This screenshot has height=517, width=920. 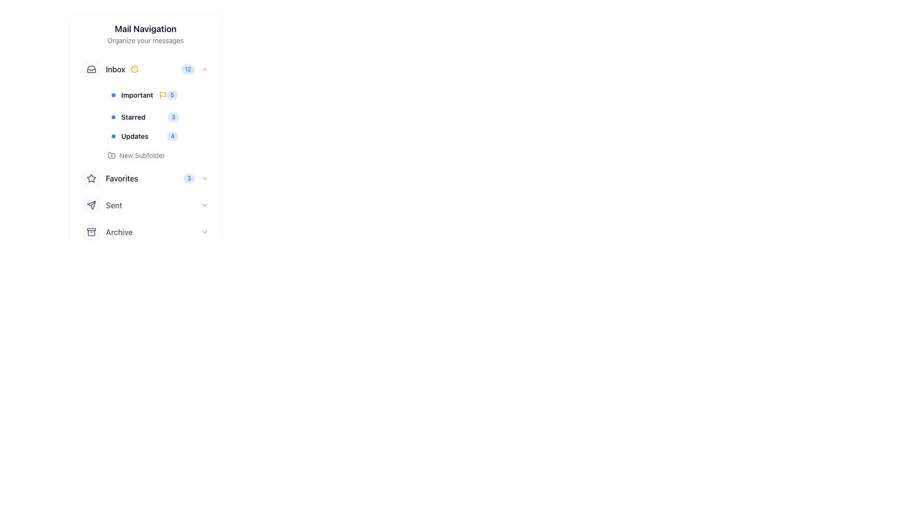 I want to click on numerical value displayed on the badge indicating unread messages or notifications, positioned to the right of the 'Important' label in the navigation menu, so click(x=172, y=95).